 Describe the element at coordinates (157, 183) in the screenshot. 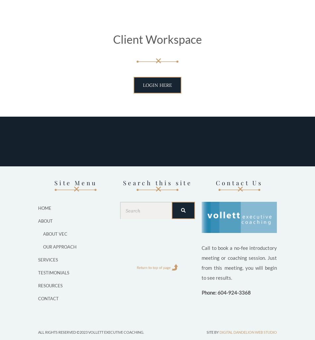

I see `'Search this site'` at that location.